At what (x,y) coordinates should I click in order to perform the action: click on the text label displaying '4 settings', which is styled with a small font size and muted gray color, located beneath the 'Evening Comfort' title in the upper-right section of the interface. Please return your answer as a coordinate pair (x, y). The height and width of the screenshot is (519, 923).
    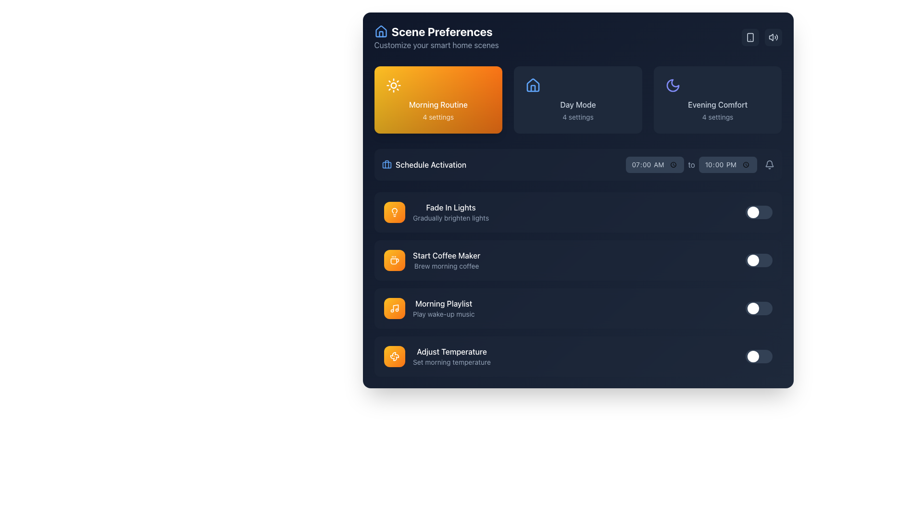
    Looking at the image, I should click on (718, 116).